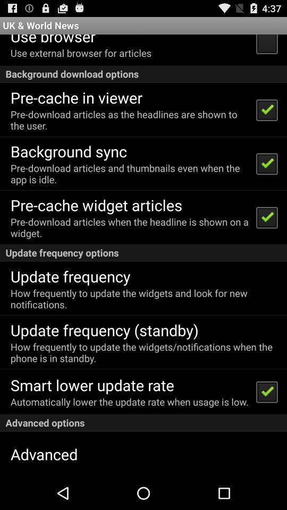 The height and width of the screenshot is (510, 287). I want to click on item above advanced icon, so click(143, 423).